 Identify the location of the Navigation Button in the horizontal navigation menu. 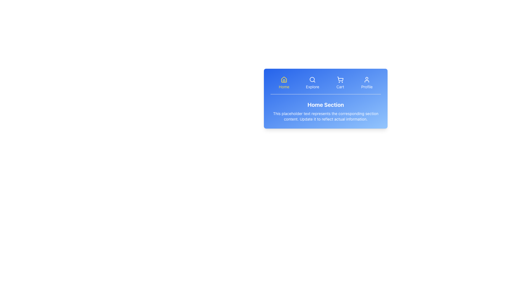
(312, 83).